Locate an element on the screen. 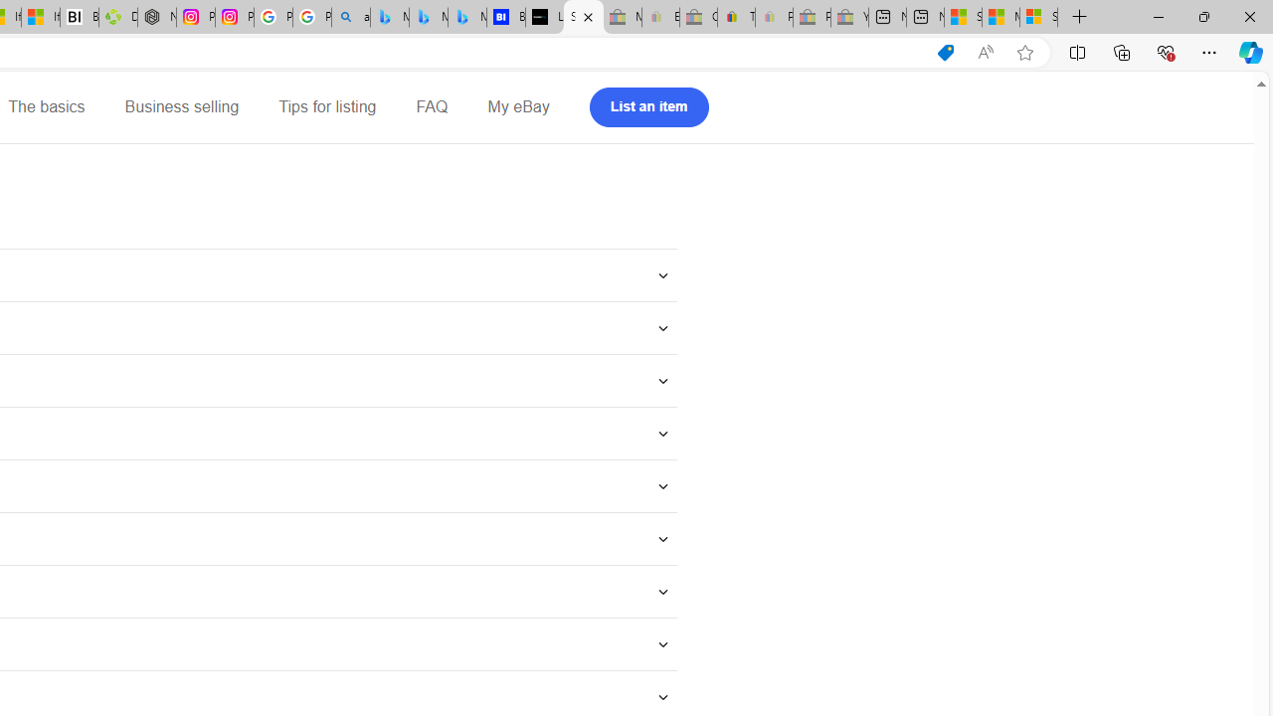 Image resolution: width=1273 pixels, height=716 pixels. 'FAQ' is located at coordinates (431, 107).